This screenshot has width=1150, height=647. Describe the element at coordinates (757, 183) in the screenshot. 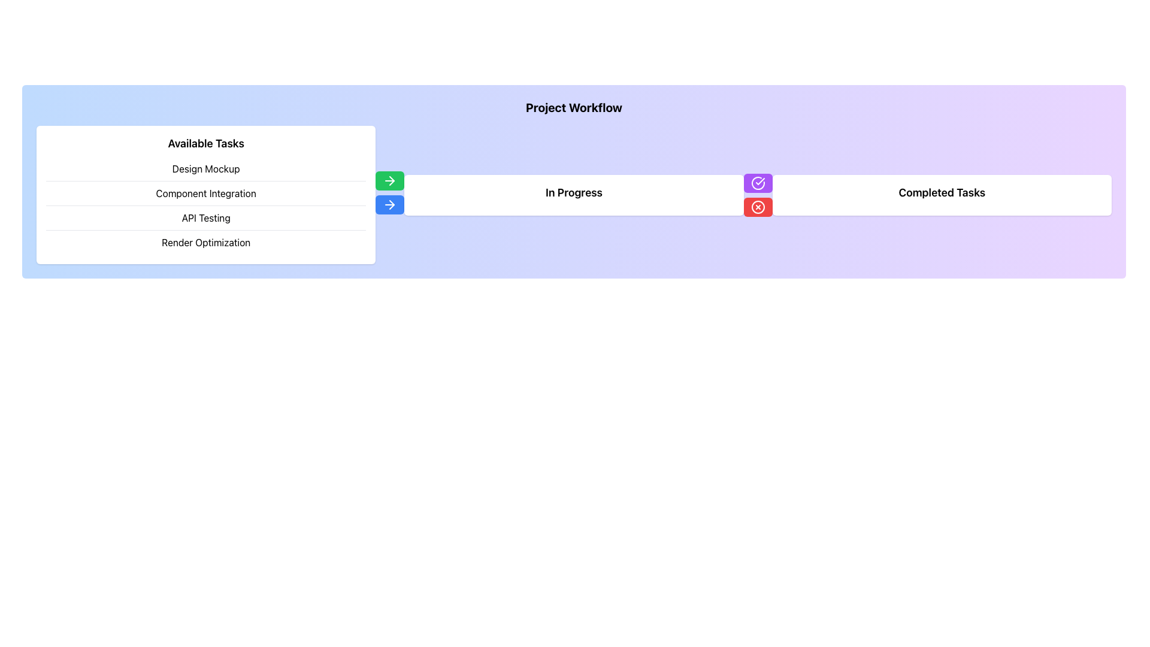

I see `the purple checkmark icon with a circular outline located in the second column under the 'In Progress' section` at that location.